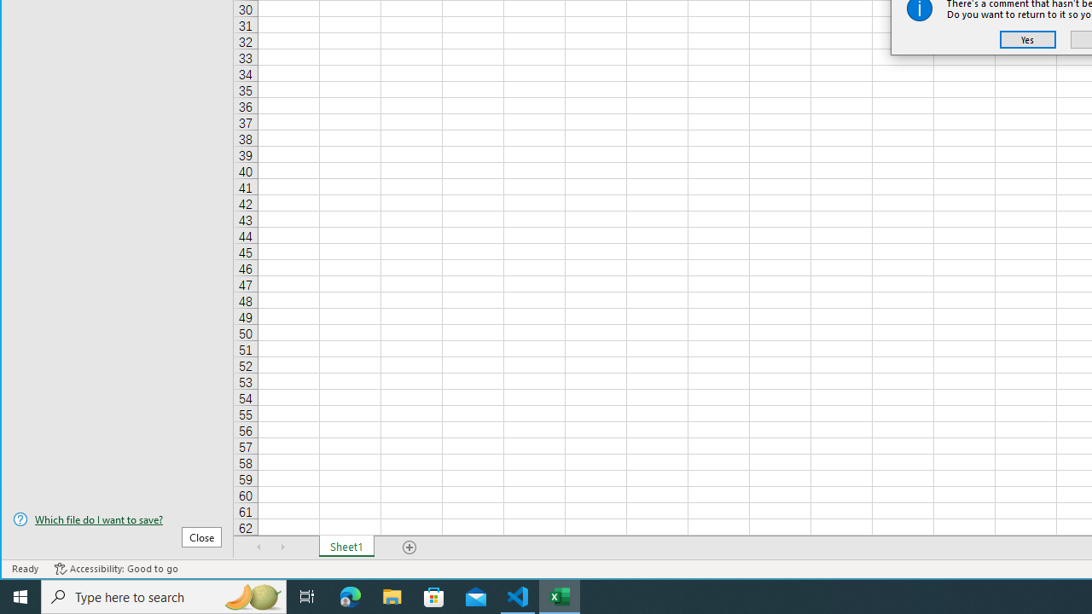 This screenshot has width=1092, height=614. I want to click on 'Search highlights icon opens search home window', so click(251, 595).